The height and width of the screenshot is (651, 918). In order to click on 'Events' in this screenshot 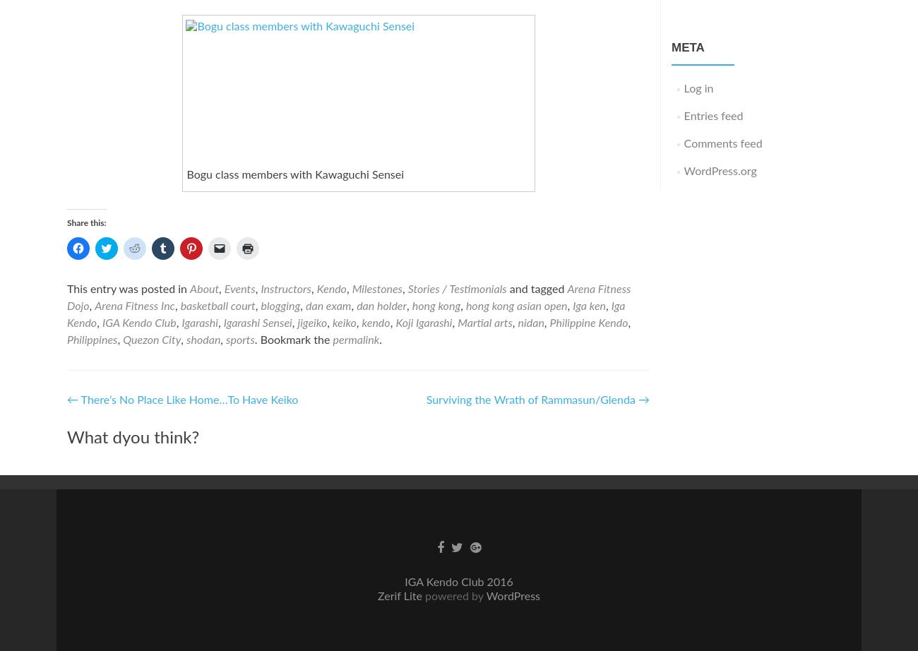, I will do `click(239, 287)`.